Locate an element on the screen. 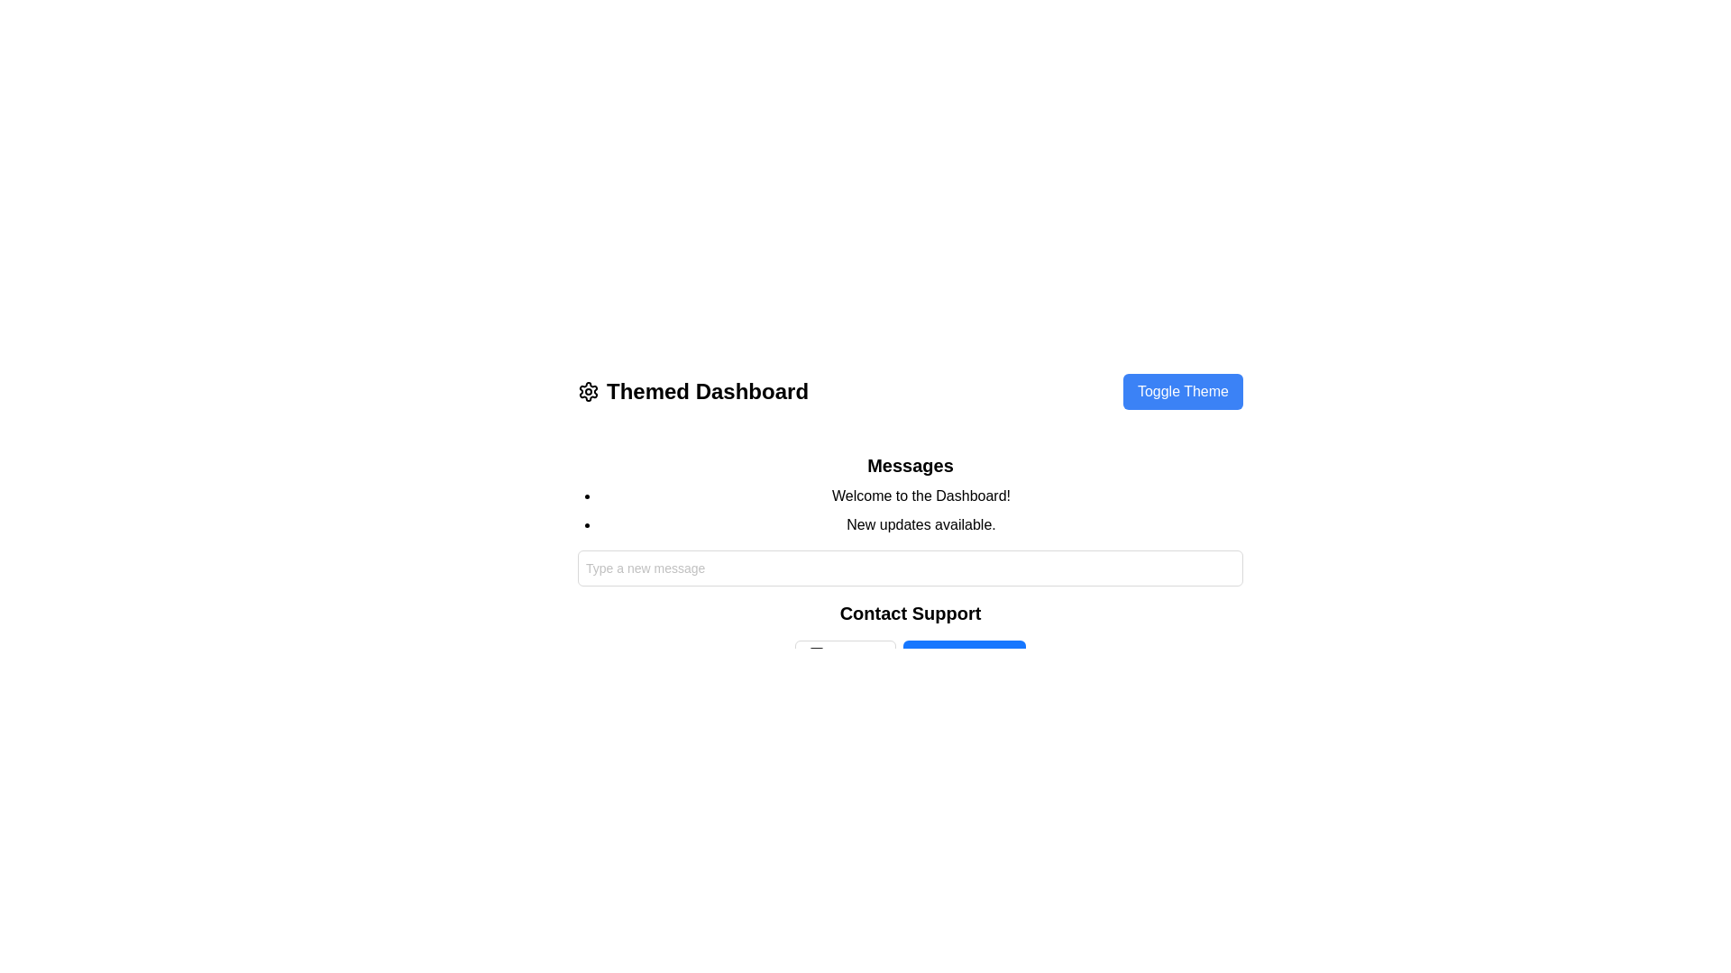 The image size is (1731, 973). the 'Email Us' button, which contains a minimalist mail icon outlined in a neutral color, located to the left of the button's text is located at coordinates (815, 654).